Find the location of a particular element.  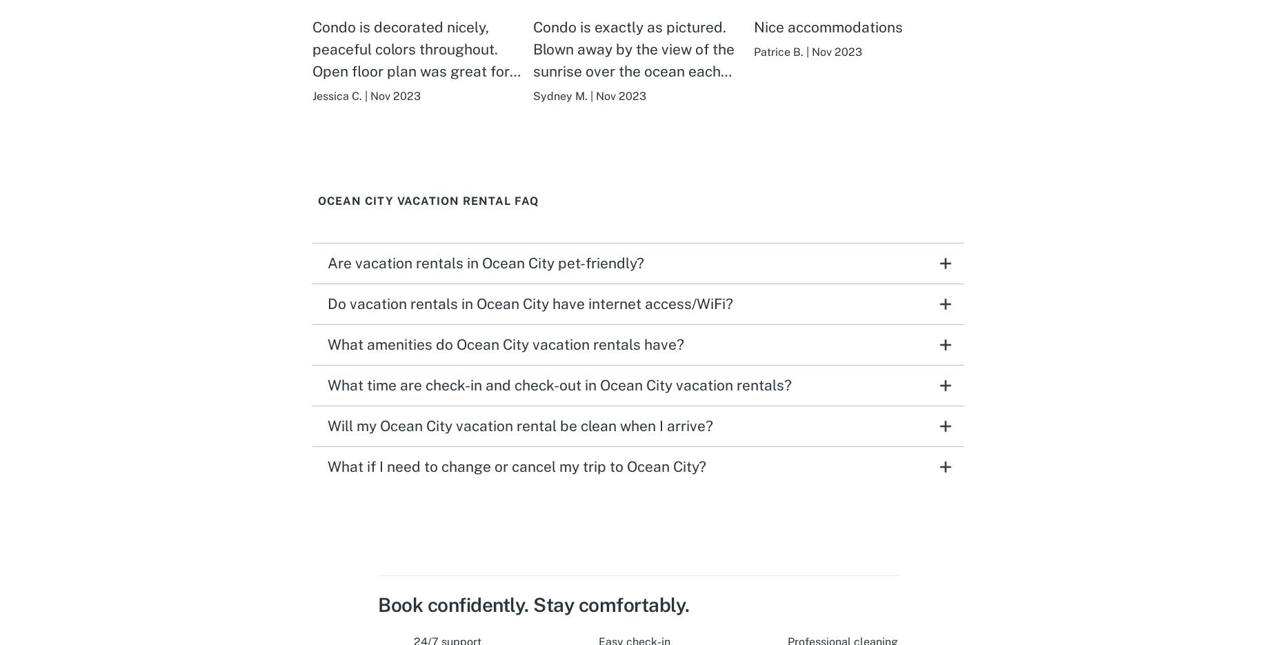

'Book confidently. Stay comfortably.' is located at coordinates (377, 603).